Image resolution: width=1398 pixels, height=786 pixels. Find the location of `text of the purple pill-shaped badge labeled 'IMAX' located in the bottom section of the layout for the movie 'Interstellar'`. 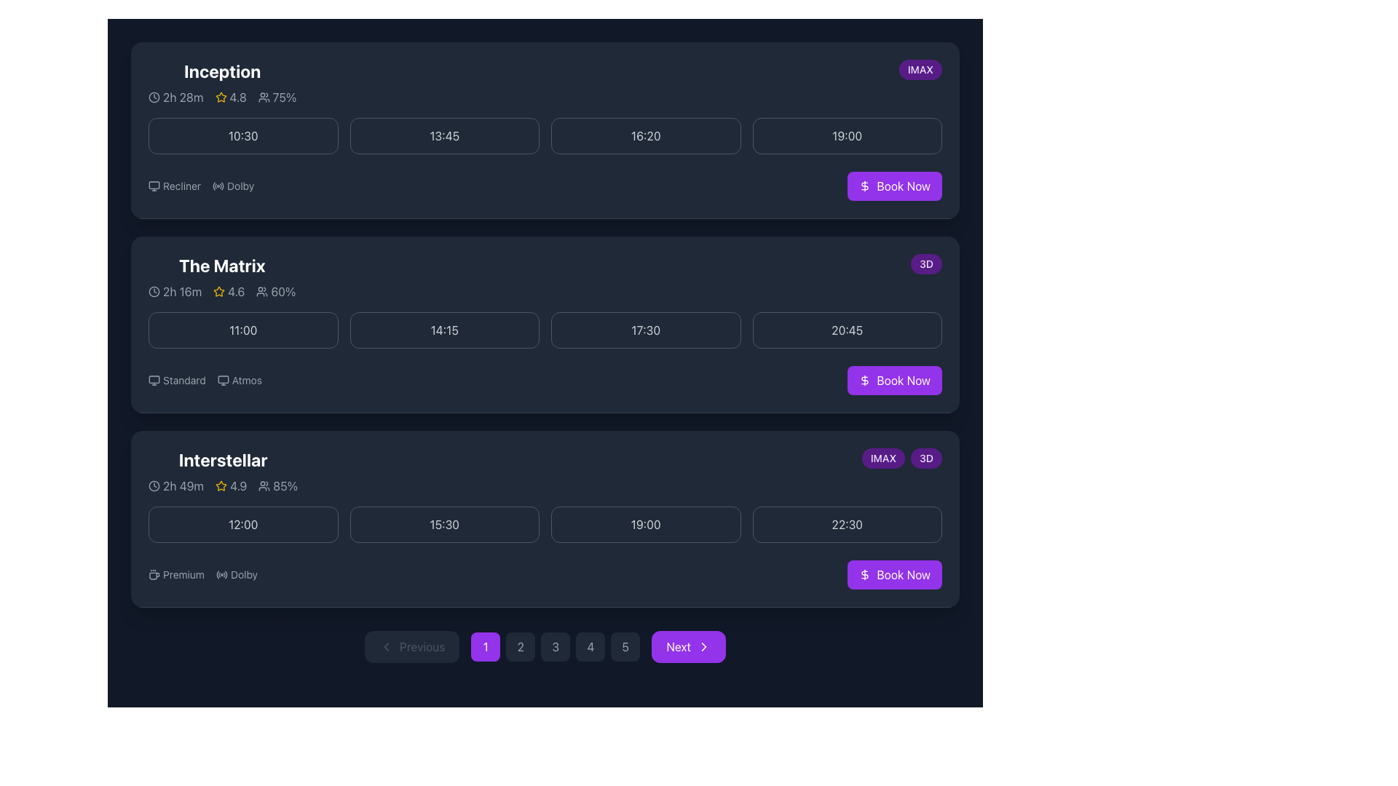

text of the purple pill-shaped badge labeled 'IMAX' located in the bottom section of the layout for the movie 'Interstellar' is located at coordinates (882, 457).